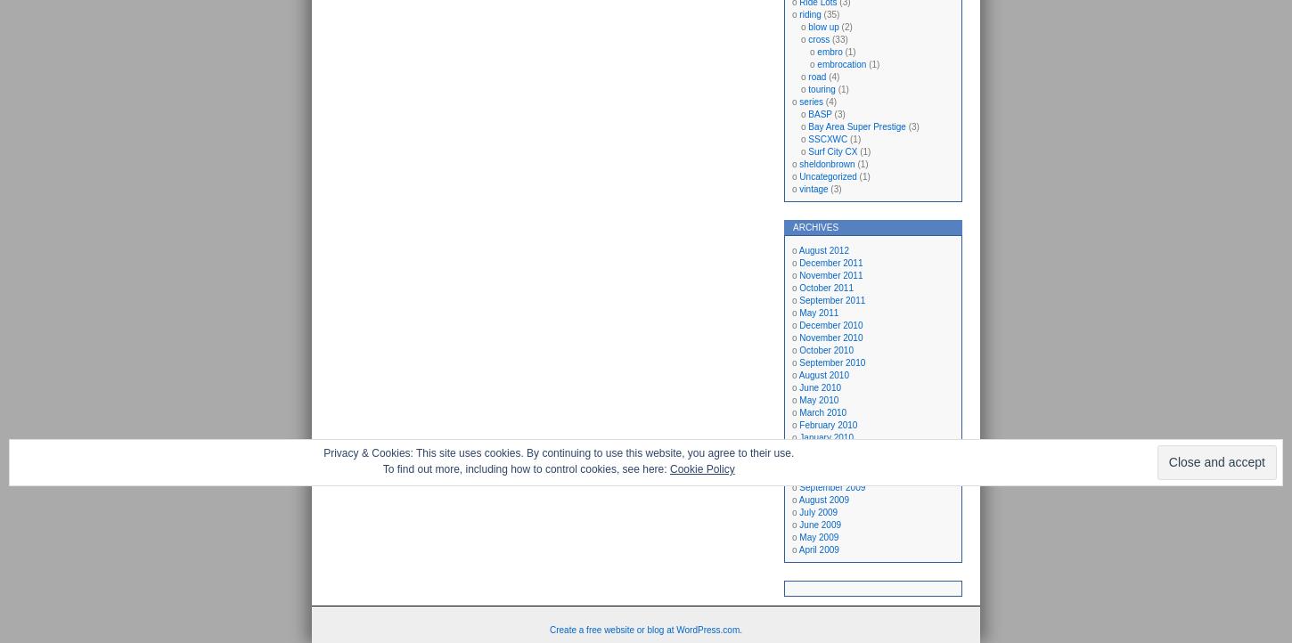  Describe the element at coordinates (797, 188) in the screenshot. I see `'vintage'` at that location.